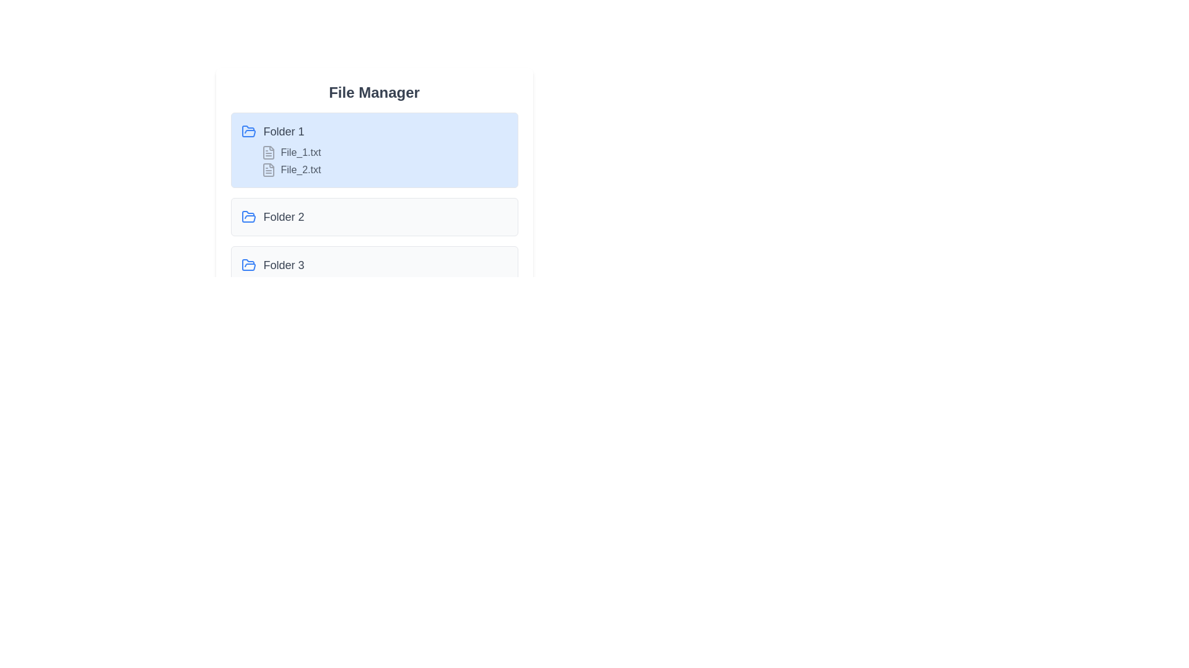  I want to click on the text label 'Folder 2', which is styled in medium-weight gray font and presented in a large size, located within the second item in a list of folders to the right of the folder icon, so click(283, 216).